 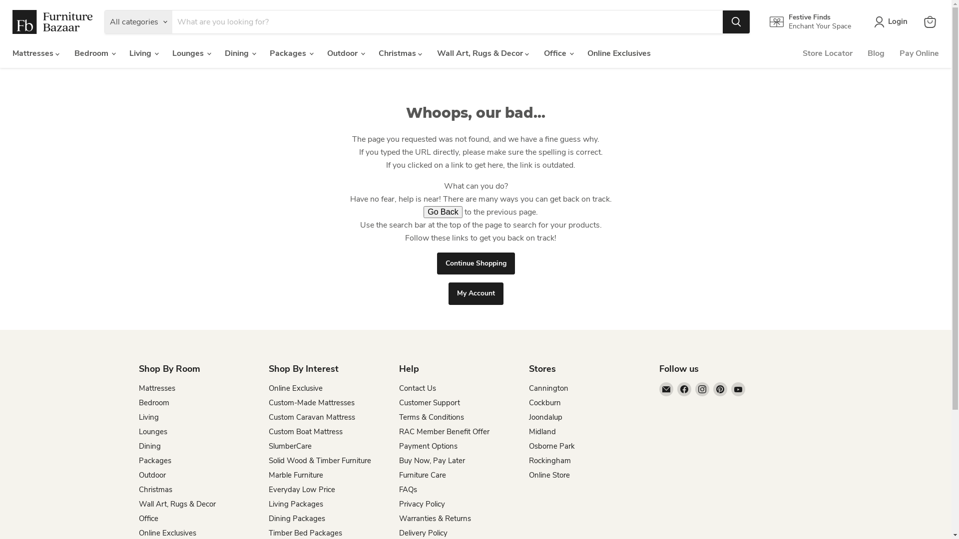 What do you see at coordinates (408, 489) in the screenshot?
I see `'FAQs'` at bounding box center [408, 489].